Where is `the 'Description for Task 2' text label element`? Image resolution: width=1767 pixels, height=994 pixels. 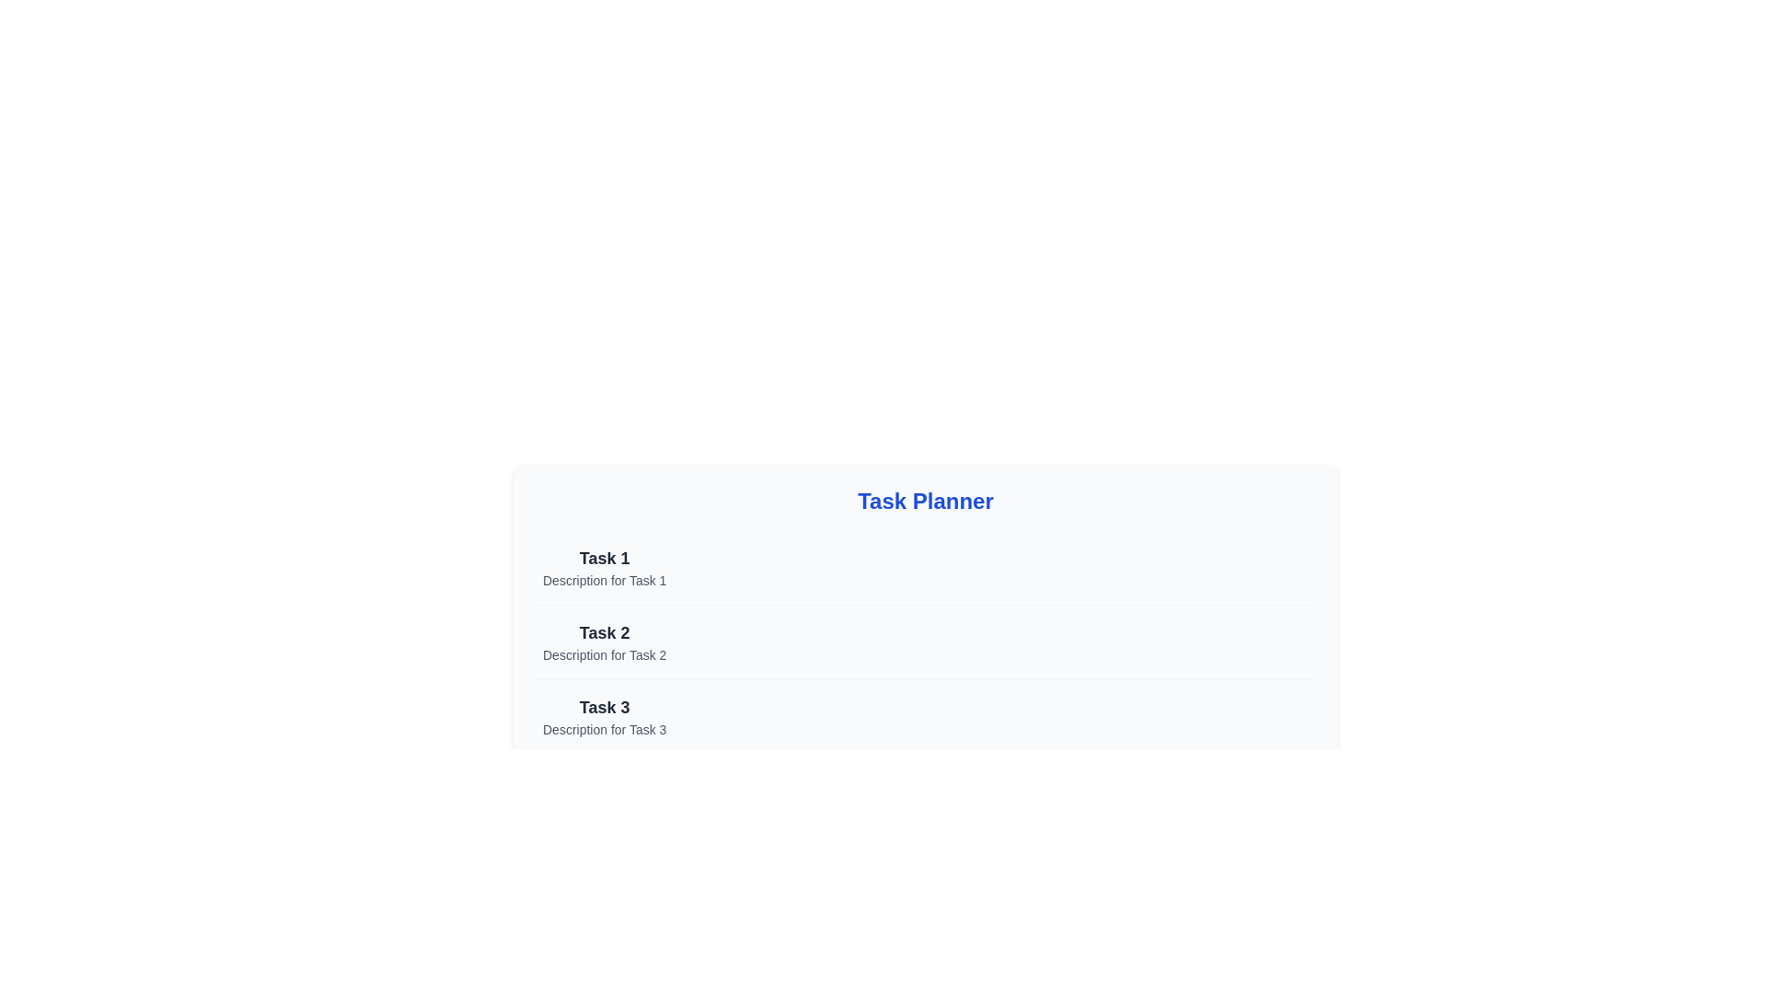
the 'Description for Task 2' text label element is located at coordinates (605, 654).